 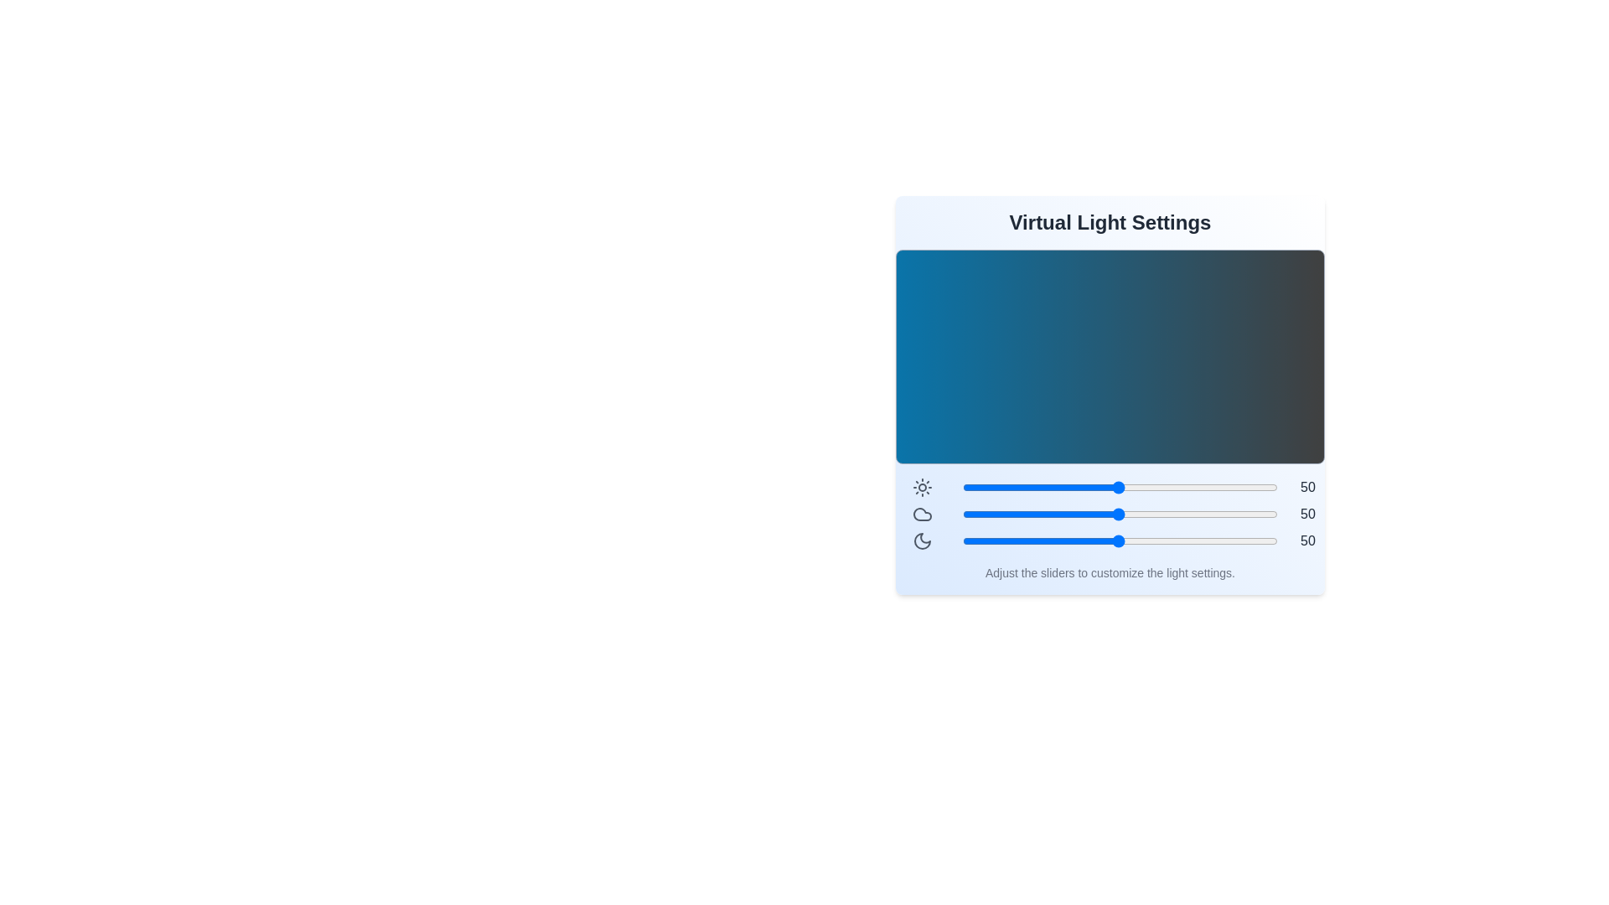 I want to click on the saturation slider to 25, so click(x=1038, y=540).